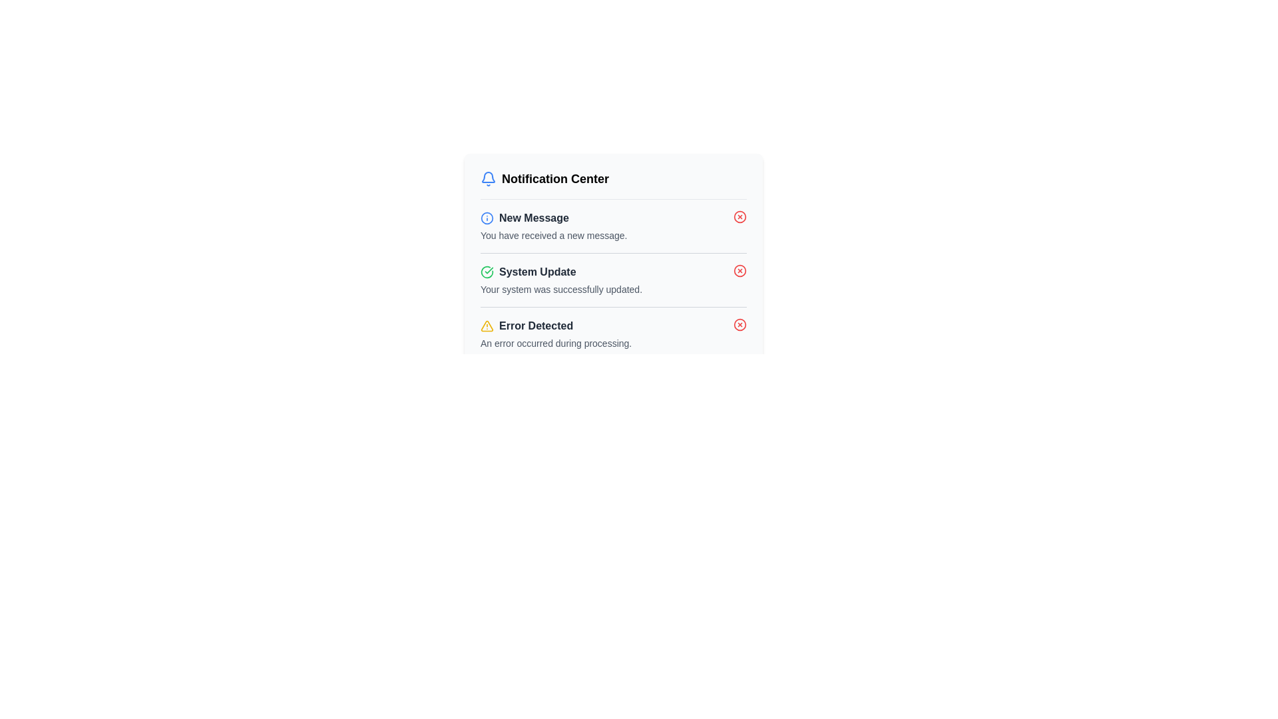  I want to click on the blue outlined bell-shaped icon located at the top-left corner of the Notification Center widget, so click(488, 176).